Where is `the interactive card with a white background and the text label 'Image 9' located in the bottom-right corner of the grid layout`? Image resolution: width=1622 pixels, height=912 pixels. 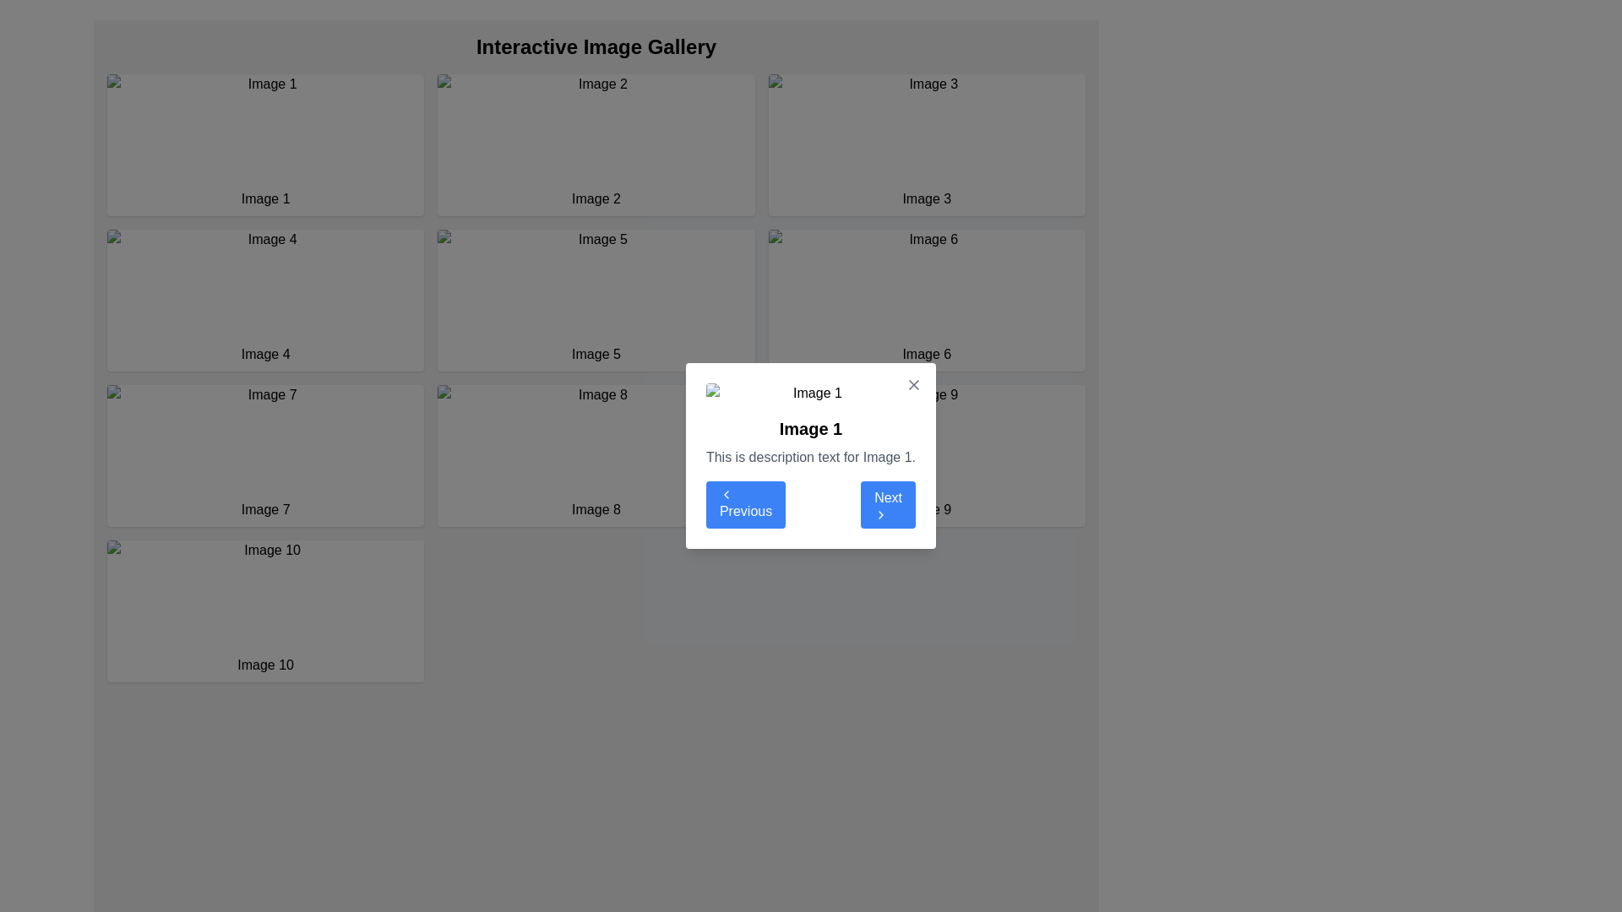 the interactive card with a white background and the text label 'Image 9' located in the bottom-right corner of the grid layout is located at coordinates (926, 456).